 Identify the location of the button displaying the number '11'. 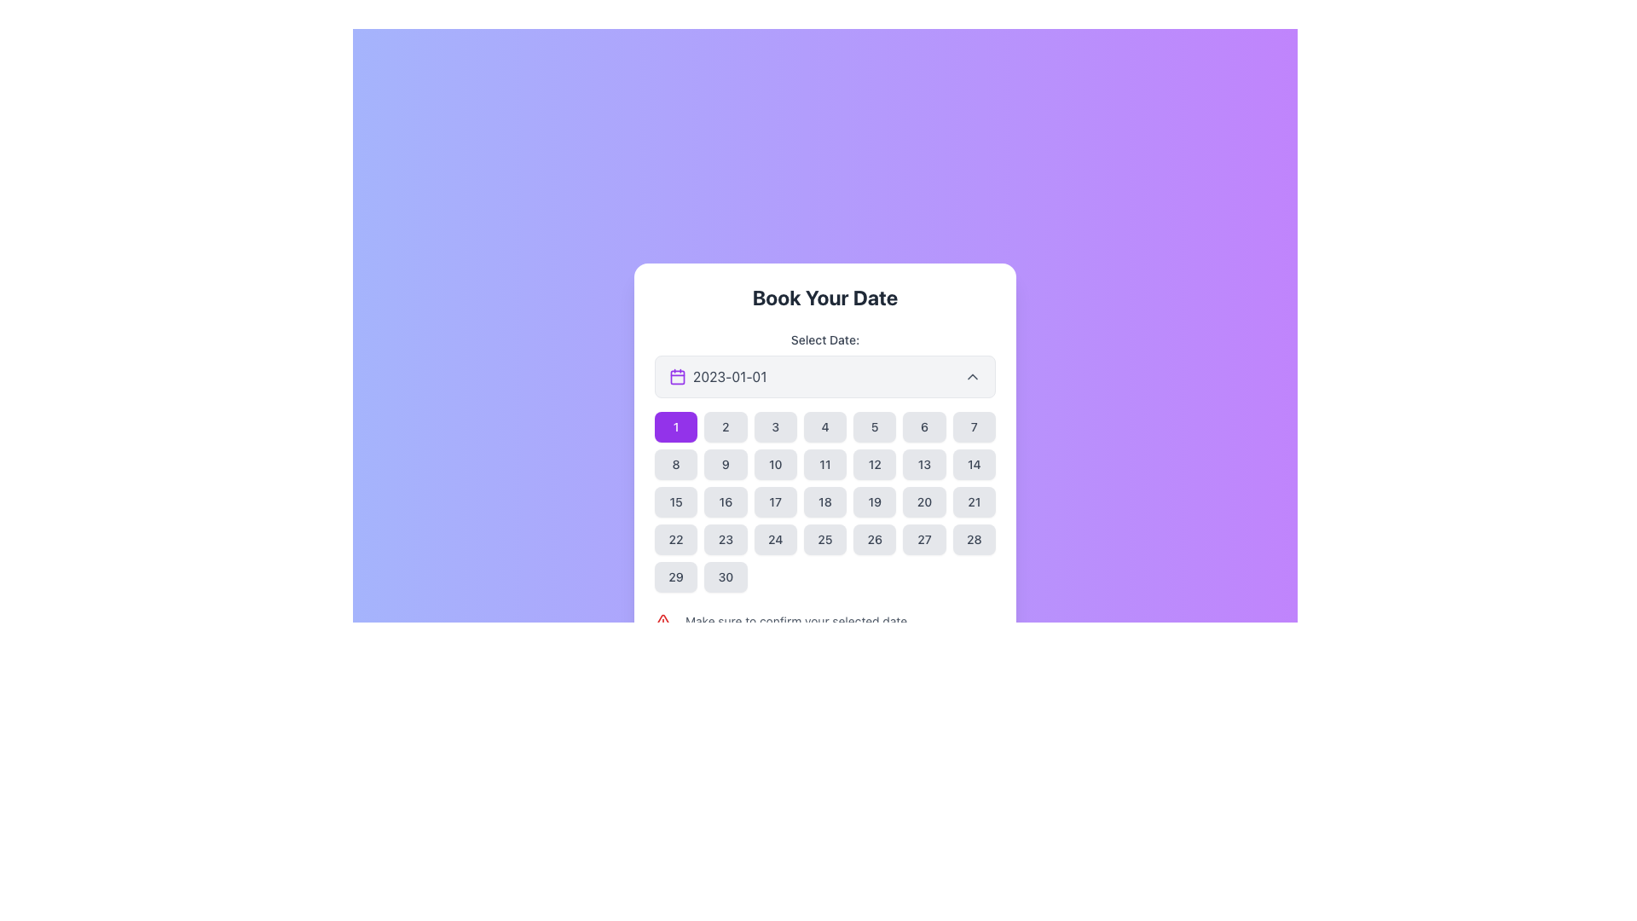
(825, 464).